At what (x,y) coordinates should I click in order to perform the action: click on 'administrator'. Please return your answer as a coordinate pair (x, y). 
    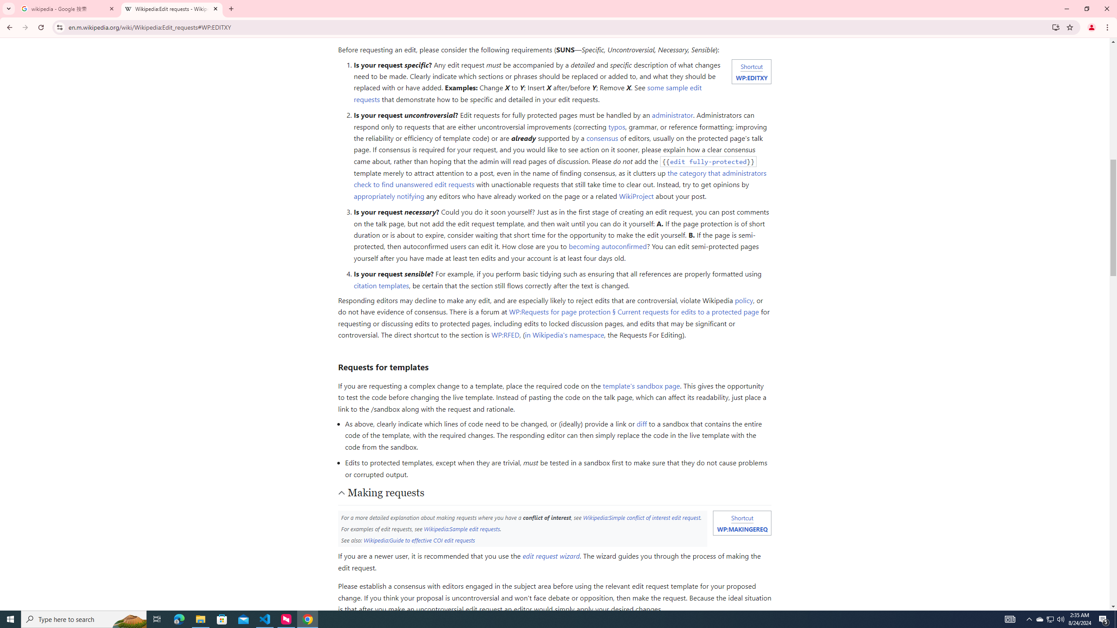
    Looking at the image, I should click on (672, 115).